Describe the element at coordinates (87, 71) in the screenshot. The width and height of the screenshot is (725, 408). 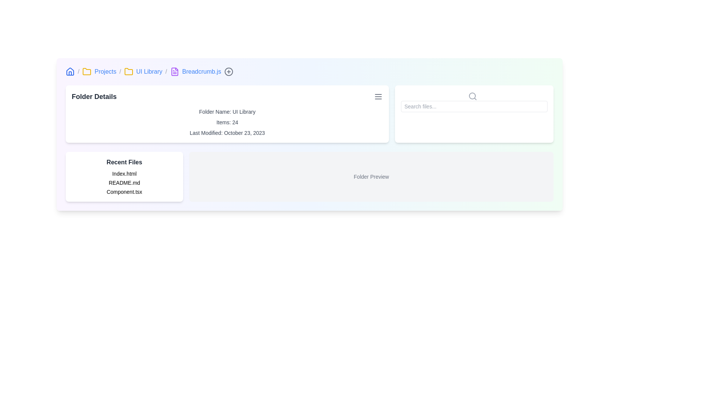
I see `the graphical icon representing a folder with a yellow outline located in the breadcrumb navigation bar after the 'Projects' label` at that location.